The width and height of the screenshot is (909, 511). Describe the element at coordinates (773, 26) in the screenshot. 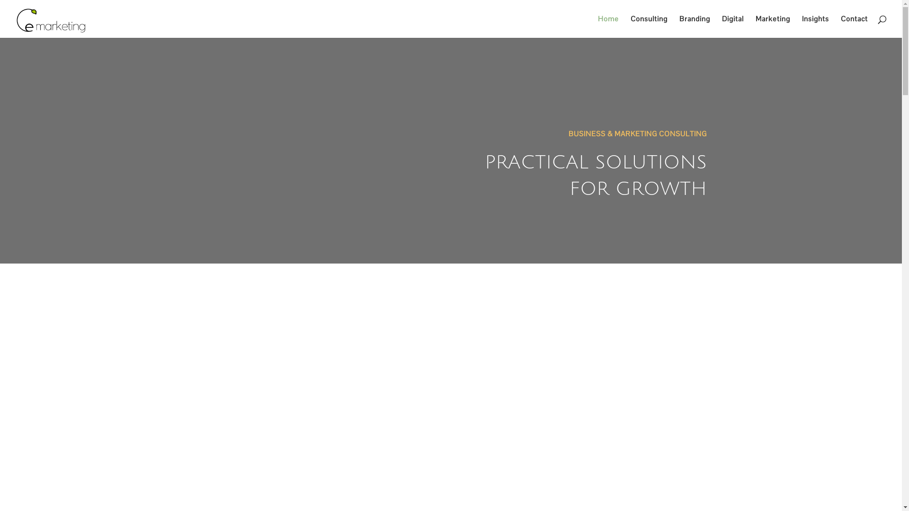

I see `'Marketing'` at that location.